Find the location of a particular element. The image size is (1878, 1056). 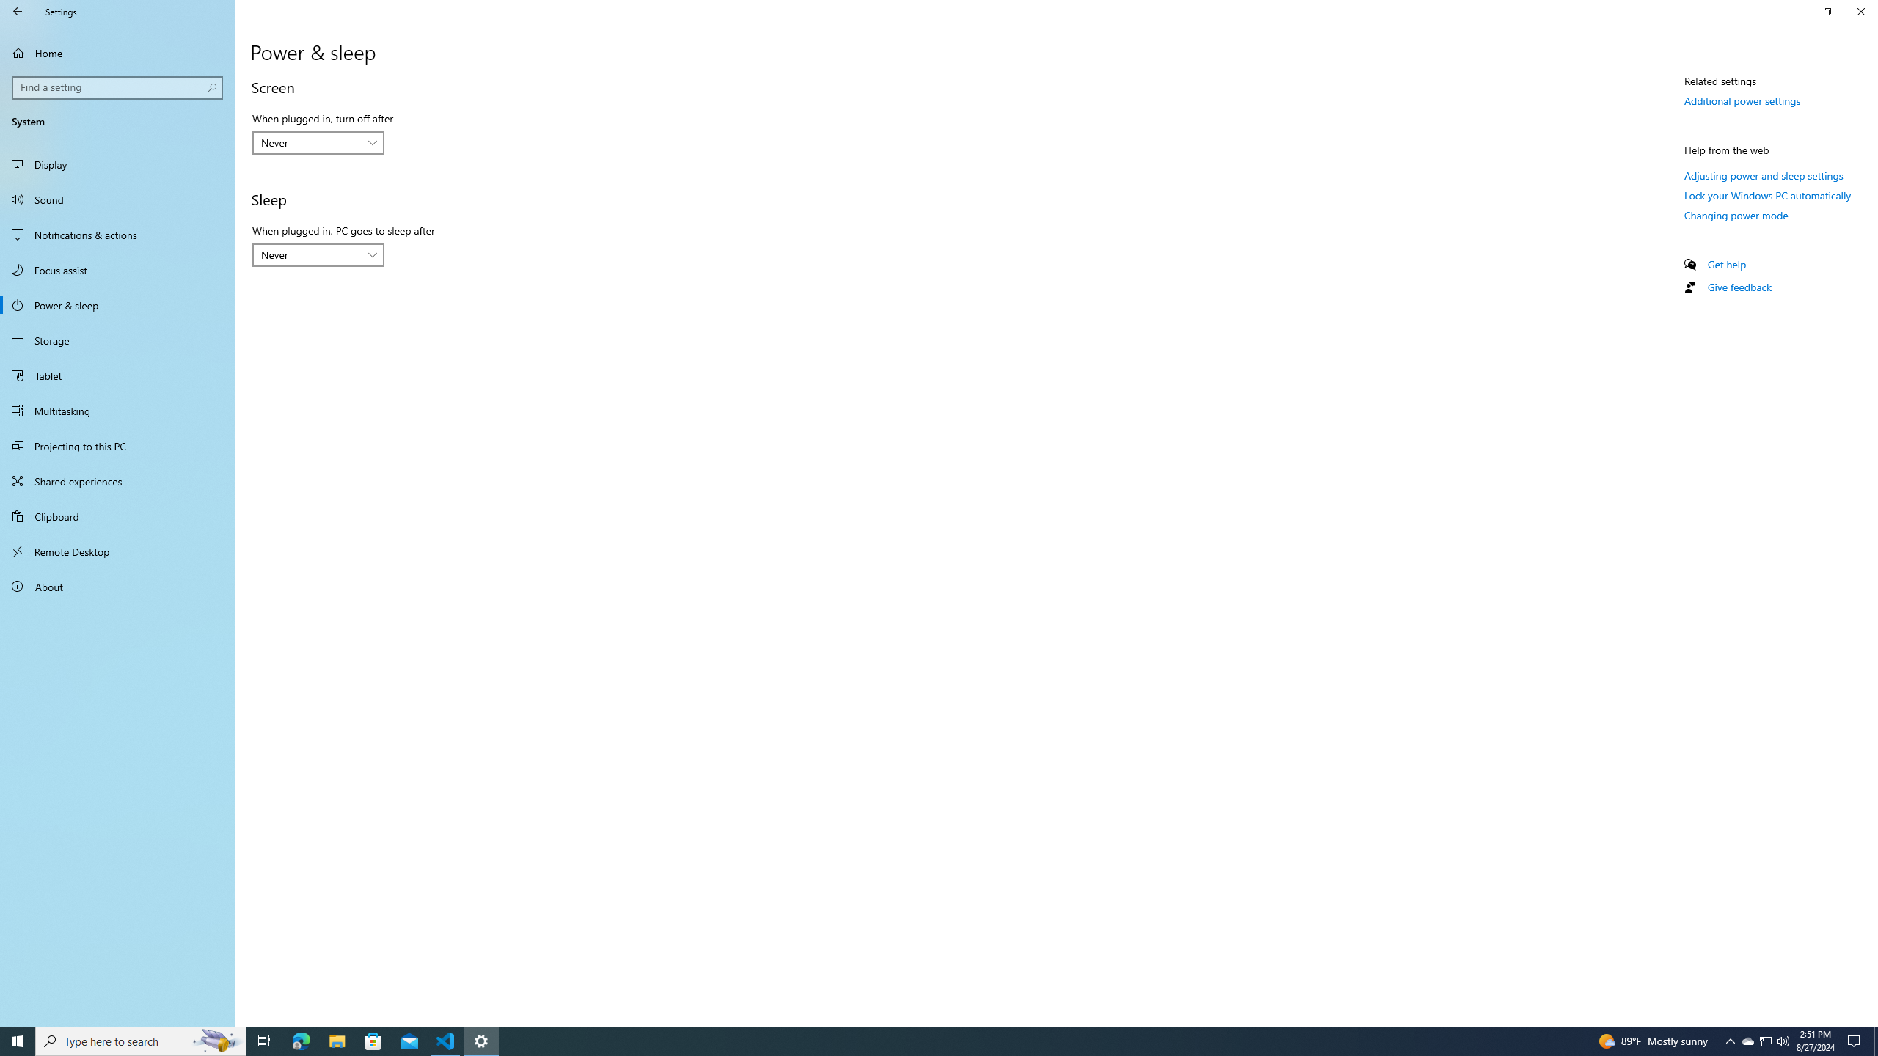

'Lock your Windows PC automatically' is located at coordinates (1767, 194).